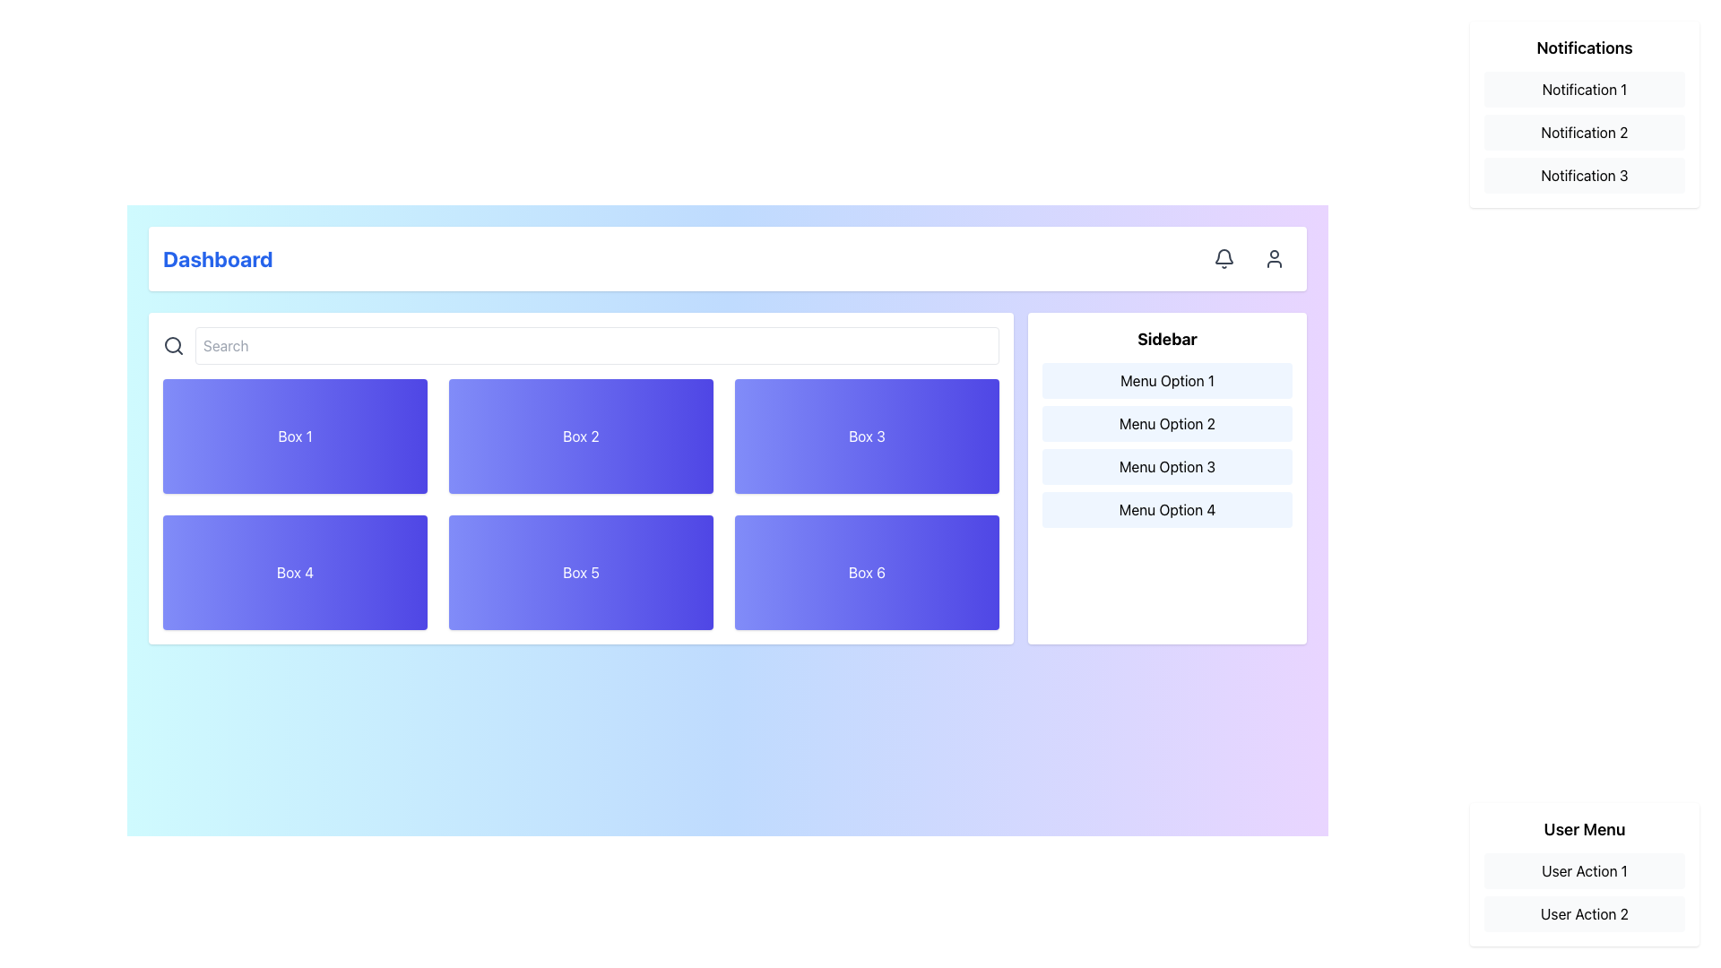 The width and height of the screenshot is (1721, 968). Describe the element at coordinates (1273, 259) in the screenshot. I see `the user profile icon button located at the top-right corner of the layout` at that location.